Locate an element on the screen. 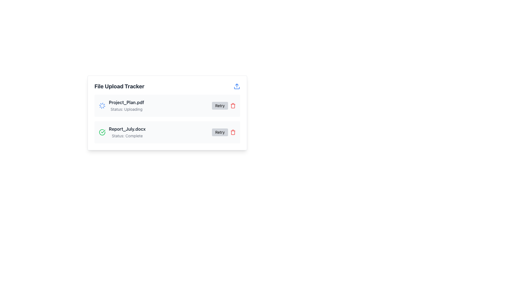 The image size is (532, 299). the document listed in the file upload tracker that shows the upload status as complete, located in the second row below 'Project_Plan.pdf' is located at coordinates (122, 132).